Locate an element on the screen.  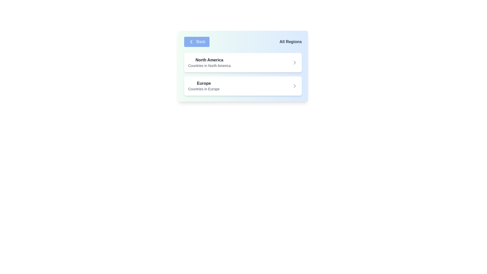
the Text block titled 'North America' that displays the description 'Countries in North America.' is located at coordinates (209, 62).